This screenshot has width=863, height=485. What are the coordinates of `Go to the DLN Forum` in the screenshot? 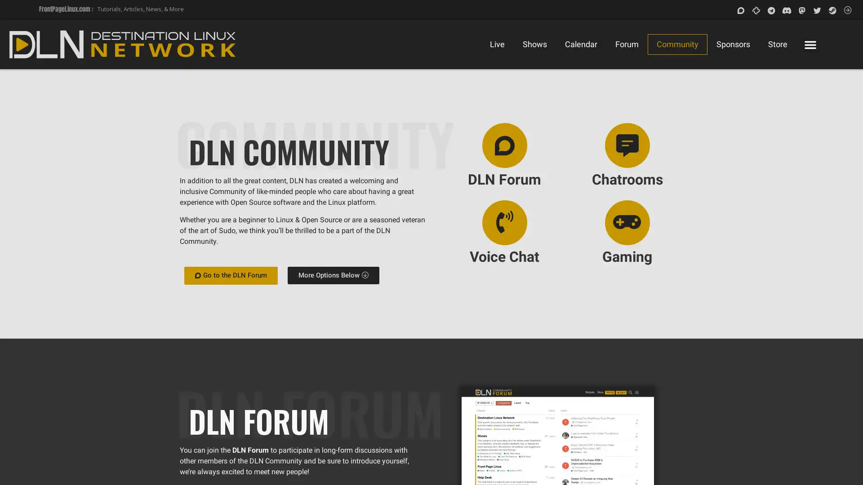 It's located at (231, 275).